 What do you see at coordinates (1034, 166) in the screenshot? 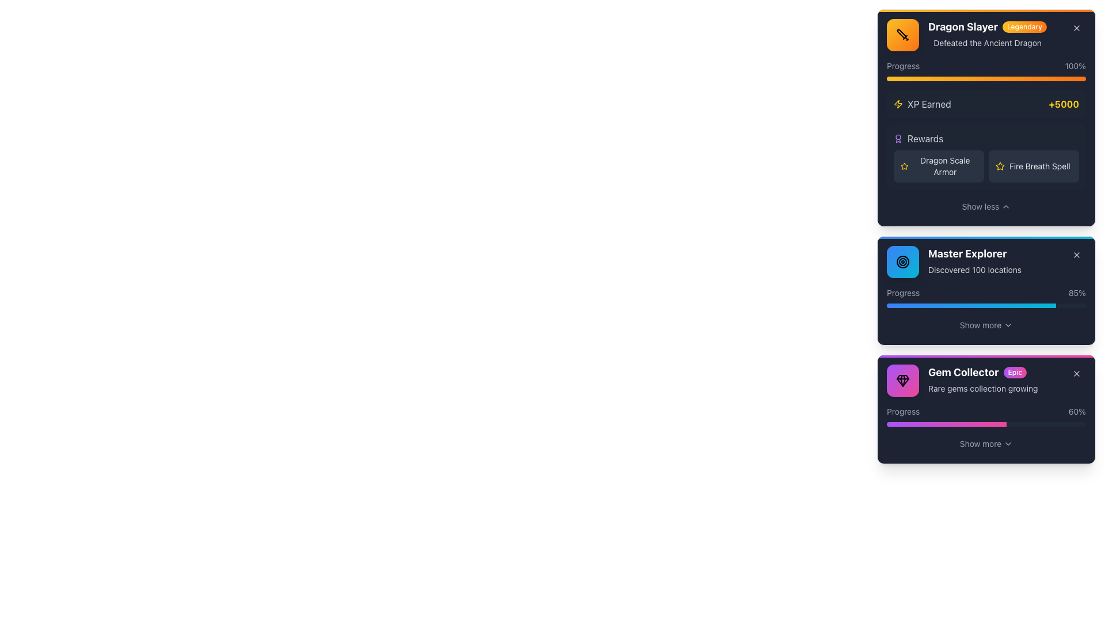
I see `text of the reward label representing the 'Fire Breath Spell' under the 'Dragon Slayer' achievement, which is the second item in the grid layout` at bounding box center [1034, 166].